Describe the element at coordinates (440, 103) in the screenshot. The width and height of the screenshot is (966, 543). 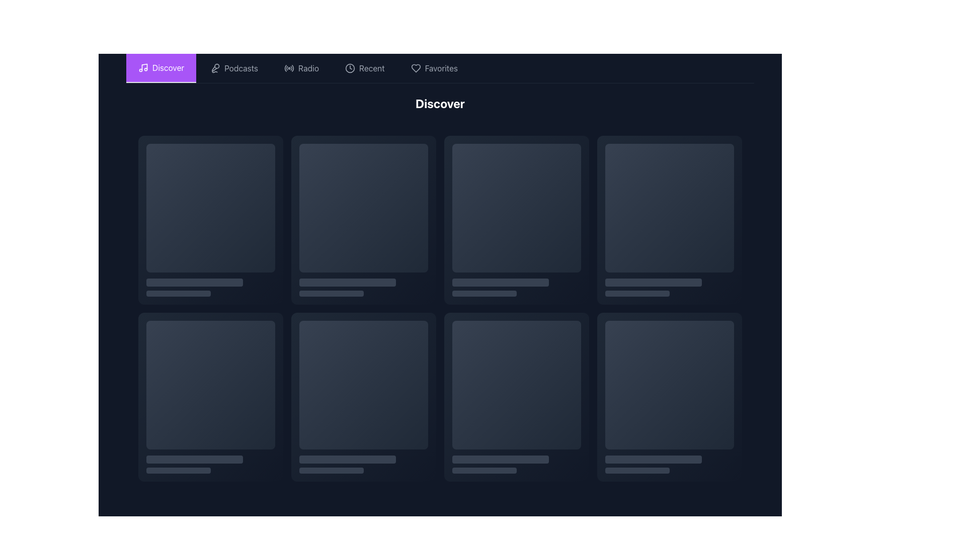
I see `the 'Discover' heading displayed prominently at the top center of the content section` at that location.